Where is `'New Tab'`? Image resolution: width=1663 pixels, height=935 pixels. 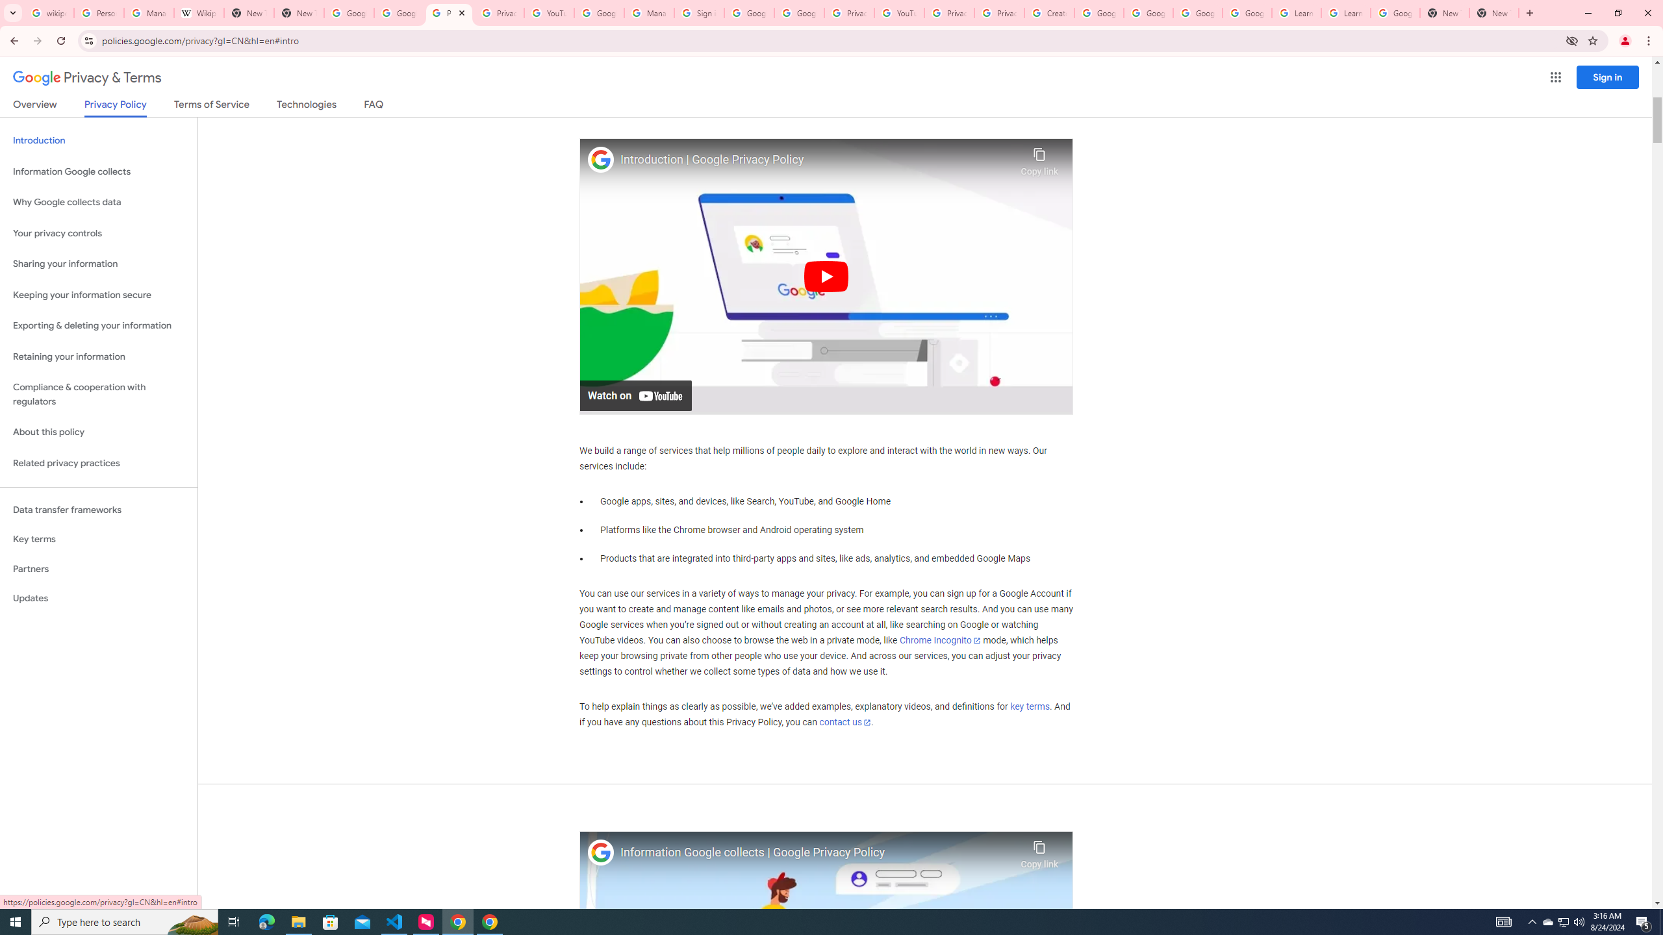
'New Tab' is located at coordinates (1493, 12).